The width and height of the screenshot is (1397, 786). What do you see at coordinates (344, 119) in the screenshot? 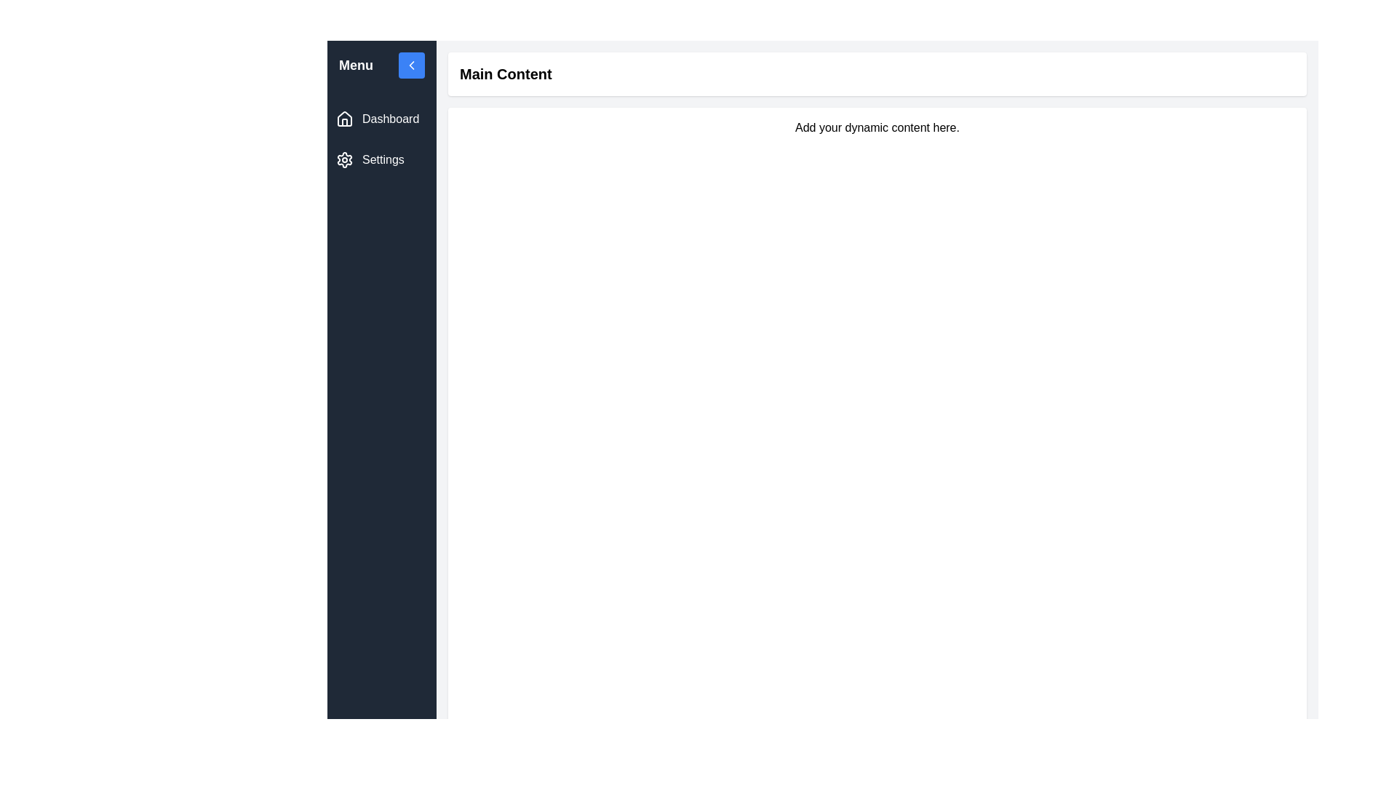
I see `the 'Home' icon in the left-side navigation bar for accessibility navigation` at bounding box center [344, 119].